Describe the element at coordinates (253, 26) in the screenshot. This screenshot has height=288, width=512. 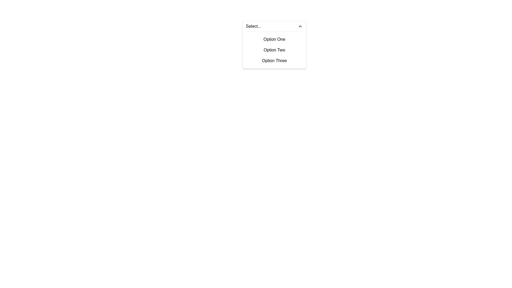
I see `displayed text of the static label 'Select...' located at the leftmost side of the dropdown menu header section` at that location.